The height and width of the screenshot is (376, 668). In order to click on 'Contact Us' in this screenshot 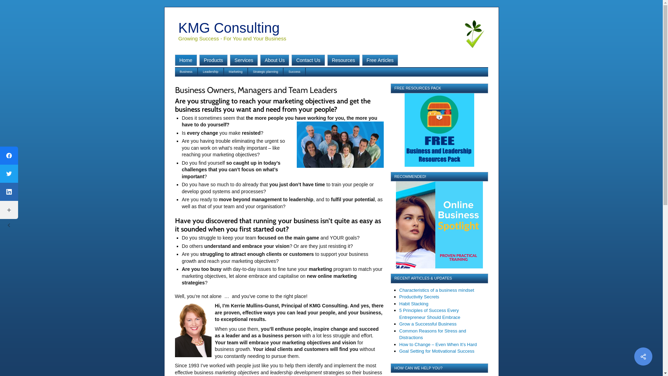, I will do `click(308, 60)`.